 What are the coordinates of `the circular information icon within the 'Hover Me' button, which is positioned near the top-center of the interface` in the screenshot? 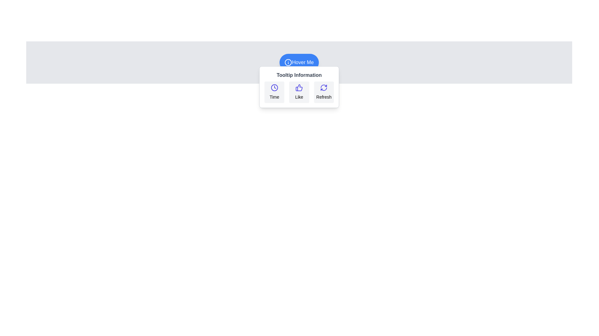 It's located at (288, 62).